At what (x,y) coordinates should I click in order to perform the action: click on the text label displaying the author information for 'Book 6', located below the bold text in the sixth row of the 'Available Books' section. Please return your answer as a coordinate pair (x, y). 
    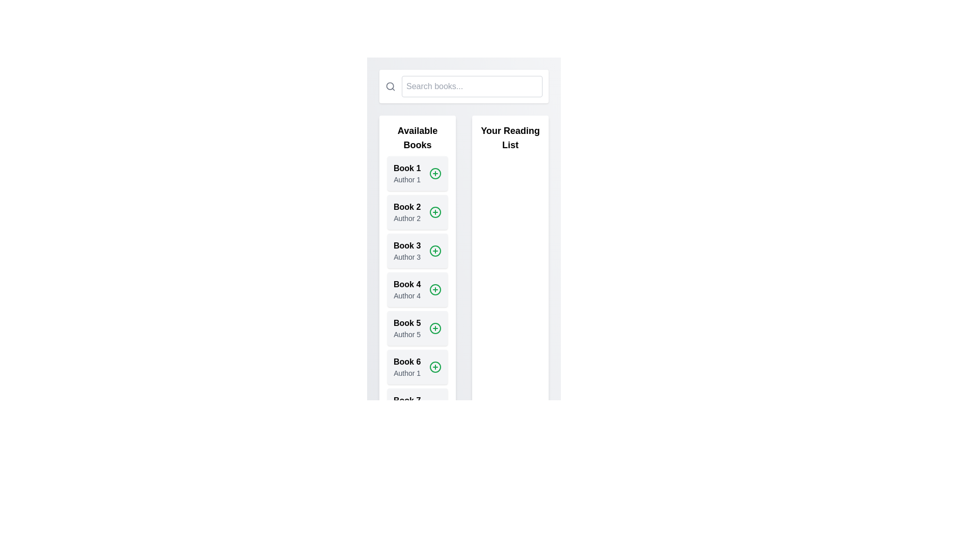
    Looking at the image, I should click on (406, 373).